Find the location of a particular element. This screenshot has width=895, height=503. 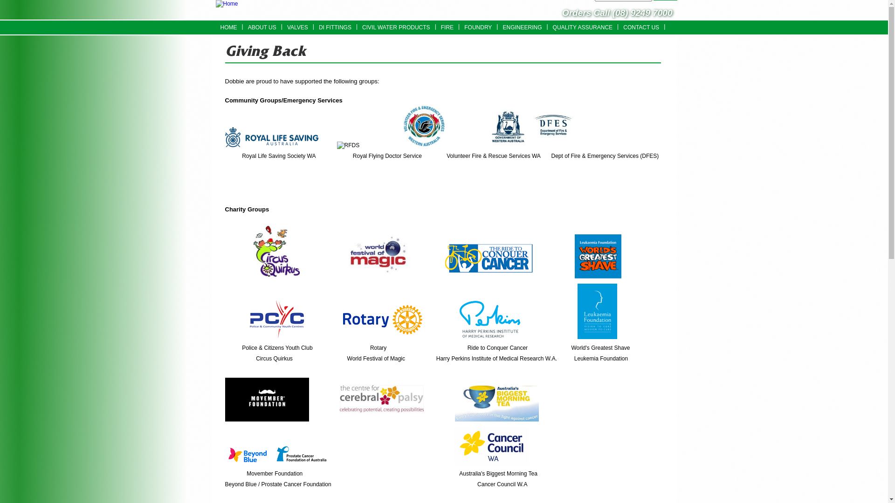

'Beyond Blue' is located at coordinates (247, 455).